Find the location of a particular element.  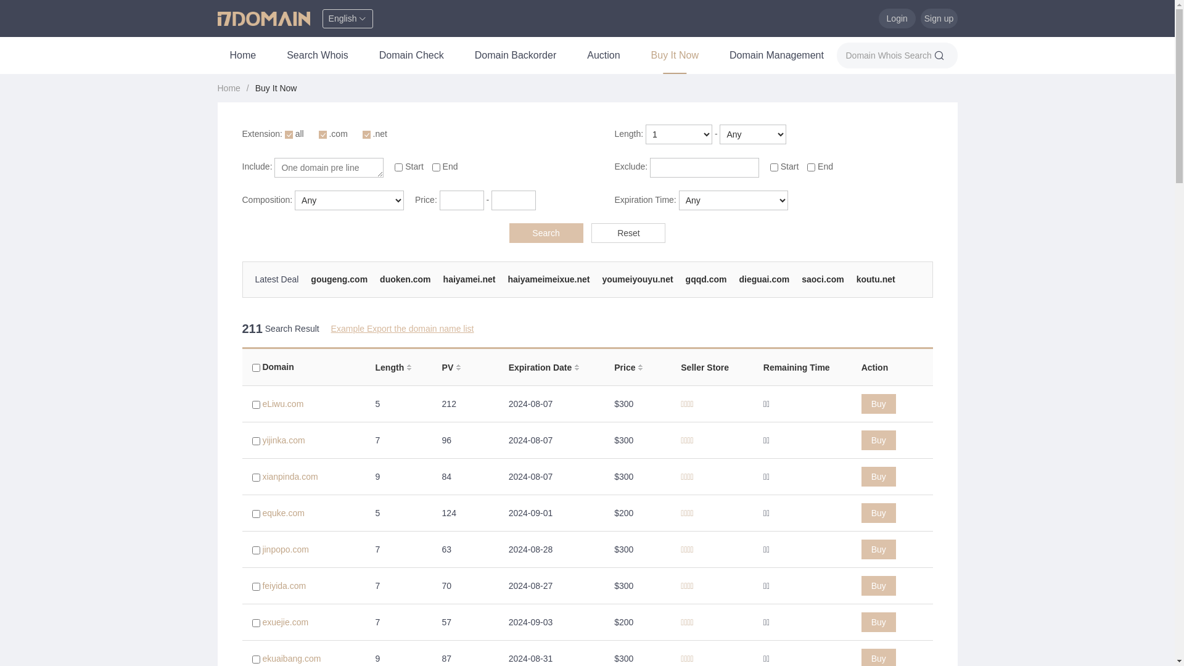

'dieguai.com' is located at coordinates (739, 279).